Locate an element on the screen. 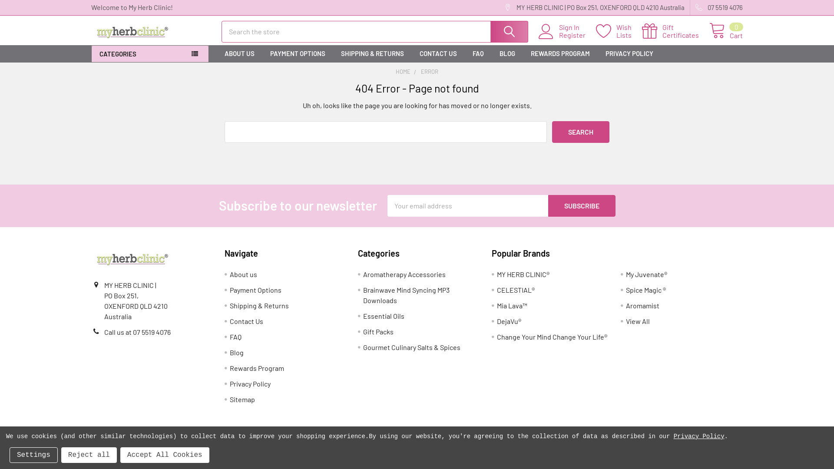 Image resolution: width=834 pixels, height=469 pixels. 'Wish is located at coordinates (619, 31).